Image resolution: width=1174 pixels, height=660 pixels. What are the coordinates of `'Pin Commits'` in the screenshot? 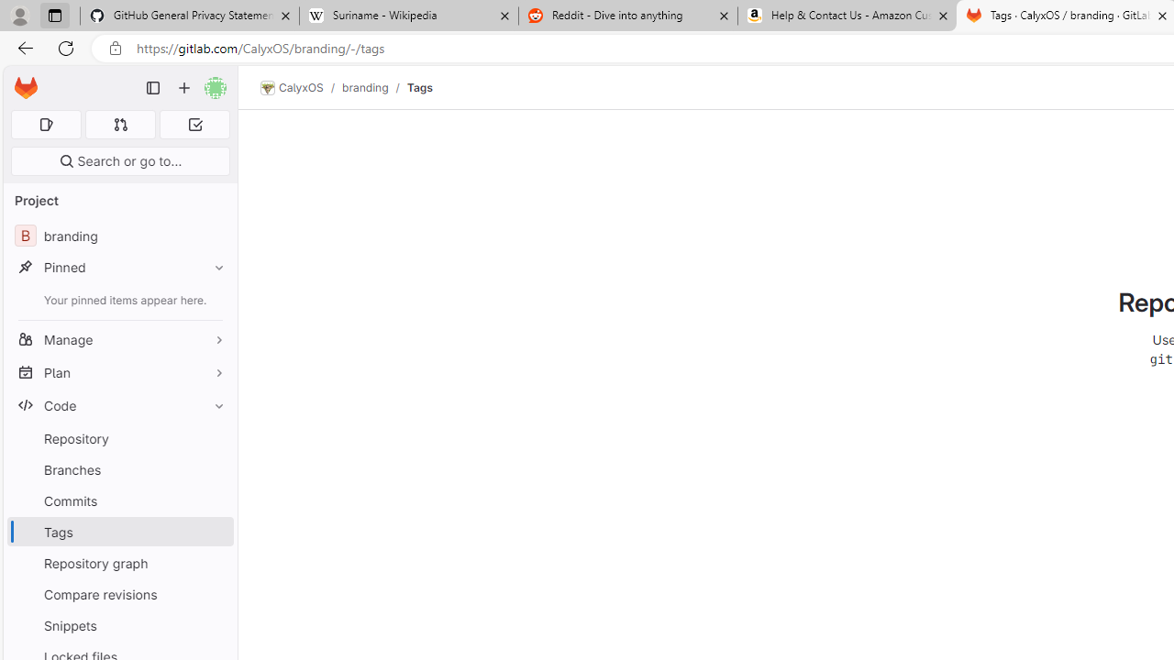 It's located at (215, 500).